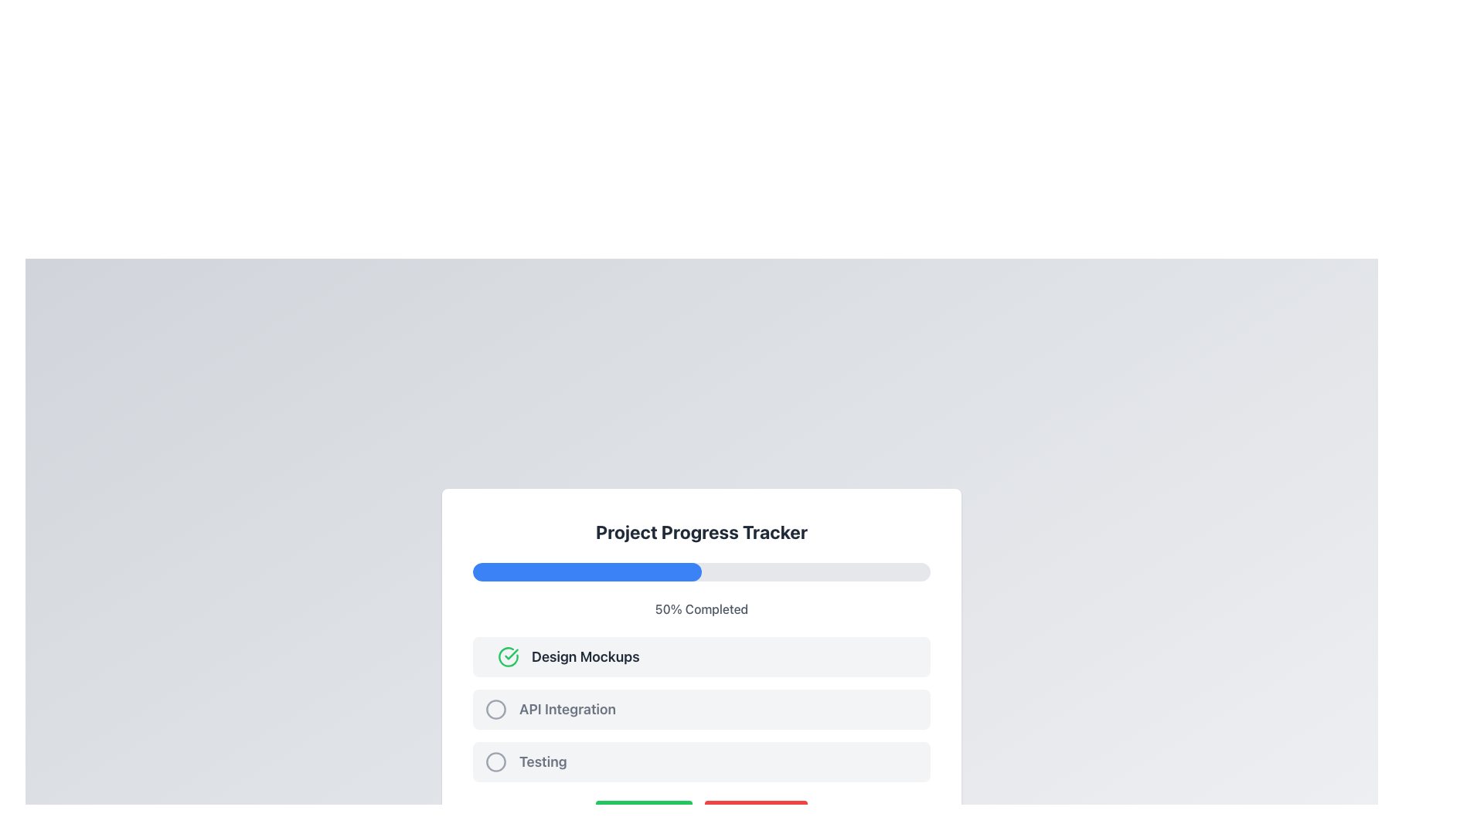  Describe the element at coordinates (756, 815) in the screenshot. I see `the red 'Decrease' button with white text, located at the bottom right of the interface, next to the 'Increase' button` at that location.